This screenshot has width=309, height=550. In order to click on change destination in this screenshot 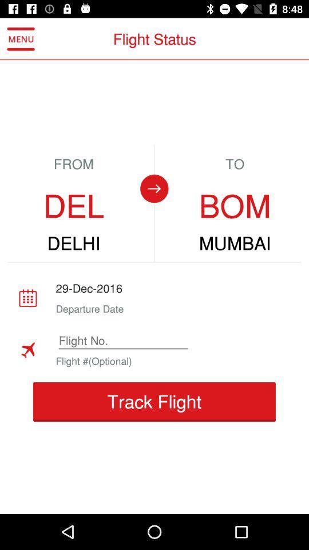, I will do `click(154, 188)`.